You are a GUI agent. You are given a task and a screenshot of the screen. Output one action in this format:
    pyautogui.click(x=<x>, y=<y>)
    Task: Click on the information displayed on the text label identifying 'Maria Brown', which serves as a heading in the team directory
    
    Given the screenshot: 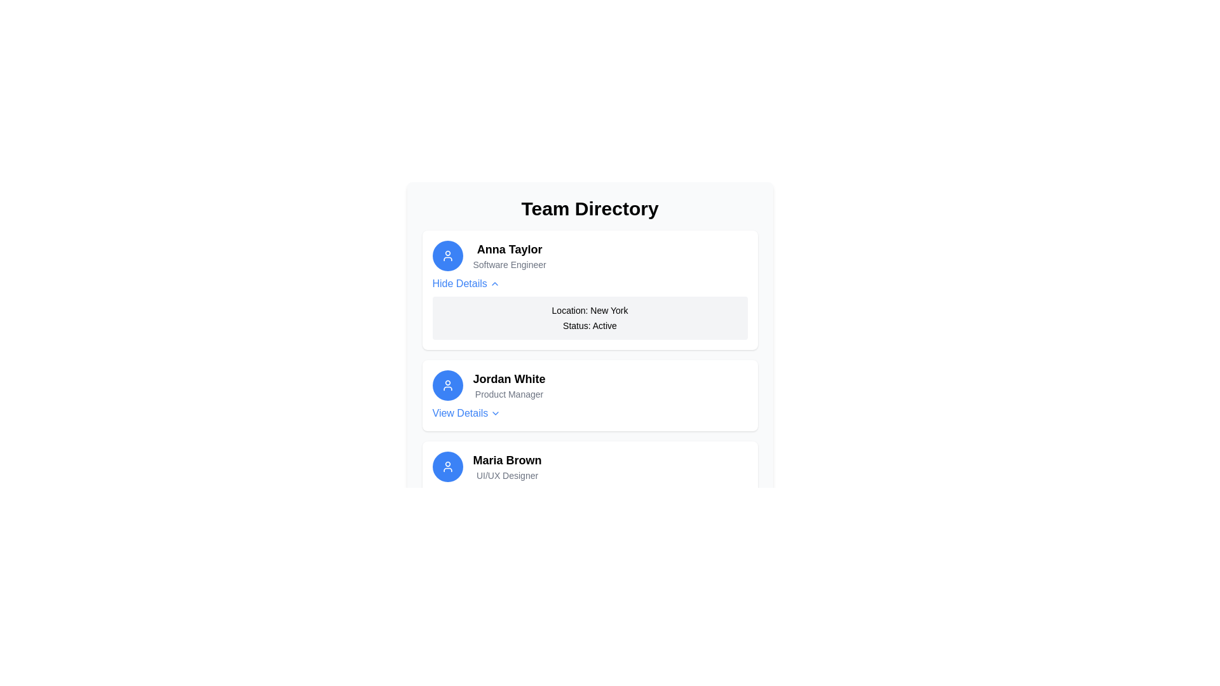 What is the action you would take?
    pyautogui.click(x=506, y=461)
    